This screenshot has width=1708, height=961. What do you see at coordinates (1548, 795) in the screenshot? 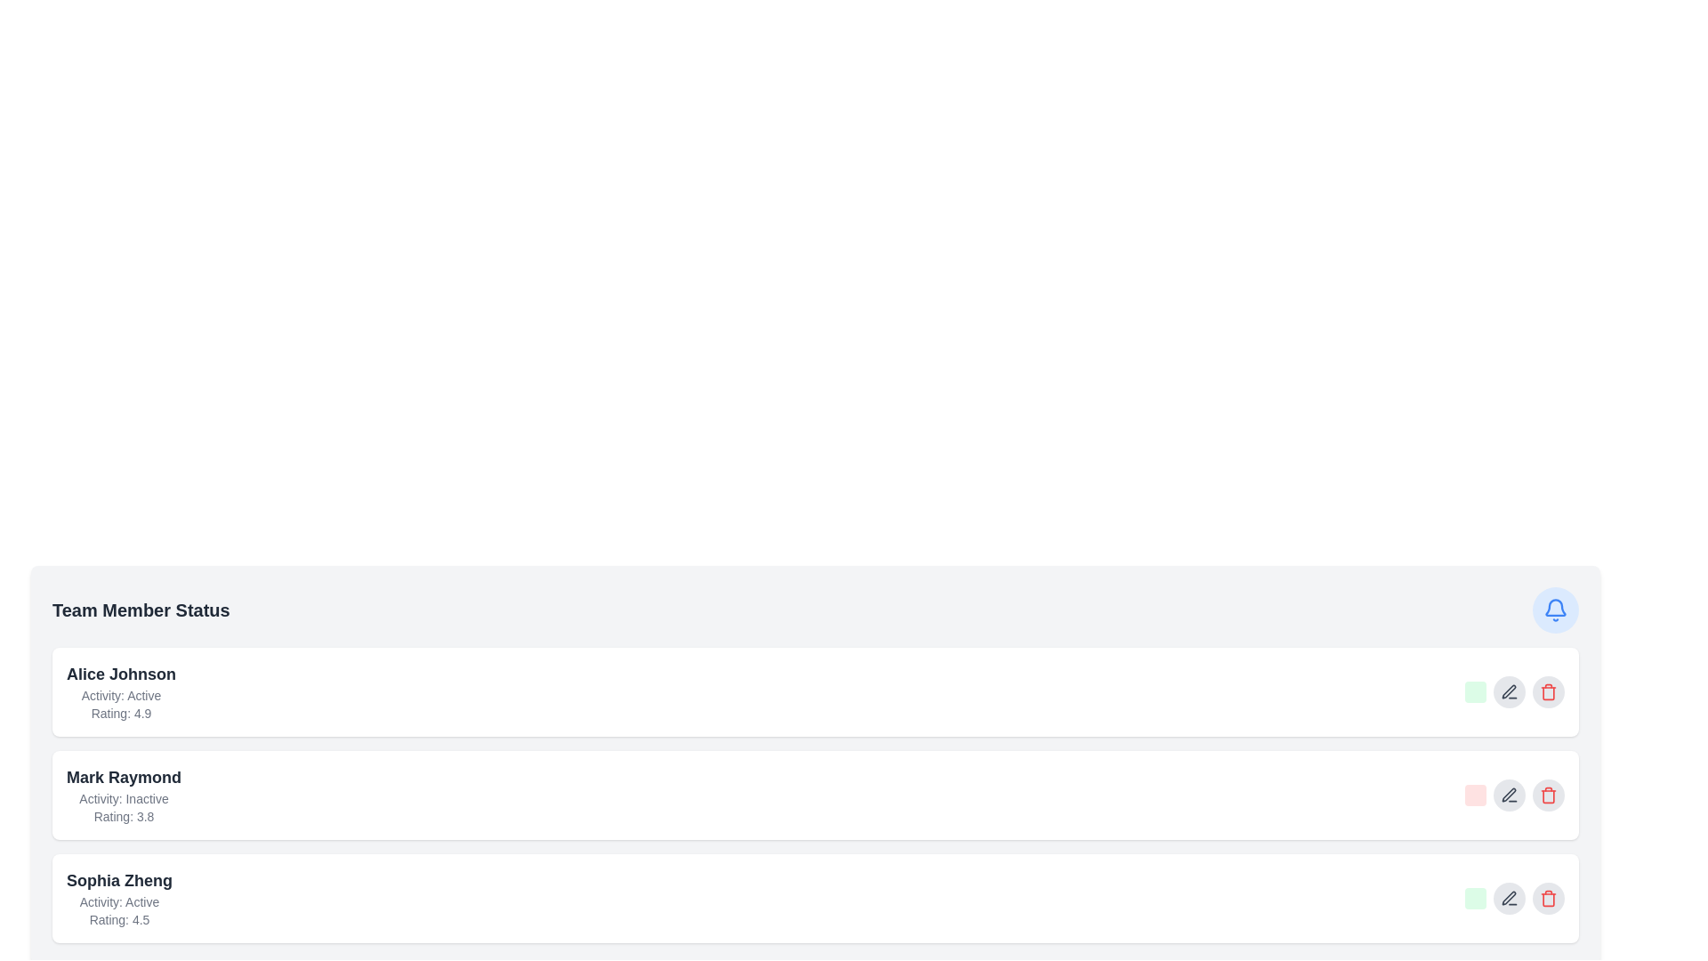
I see `the delete button located on the right side of the row displaying 'Mark Raymond', which is the third interactive element after the pen icon button` at bounding box center [1548, 795].